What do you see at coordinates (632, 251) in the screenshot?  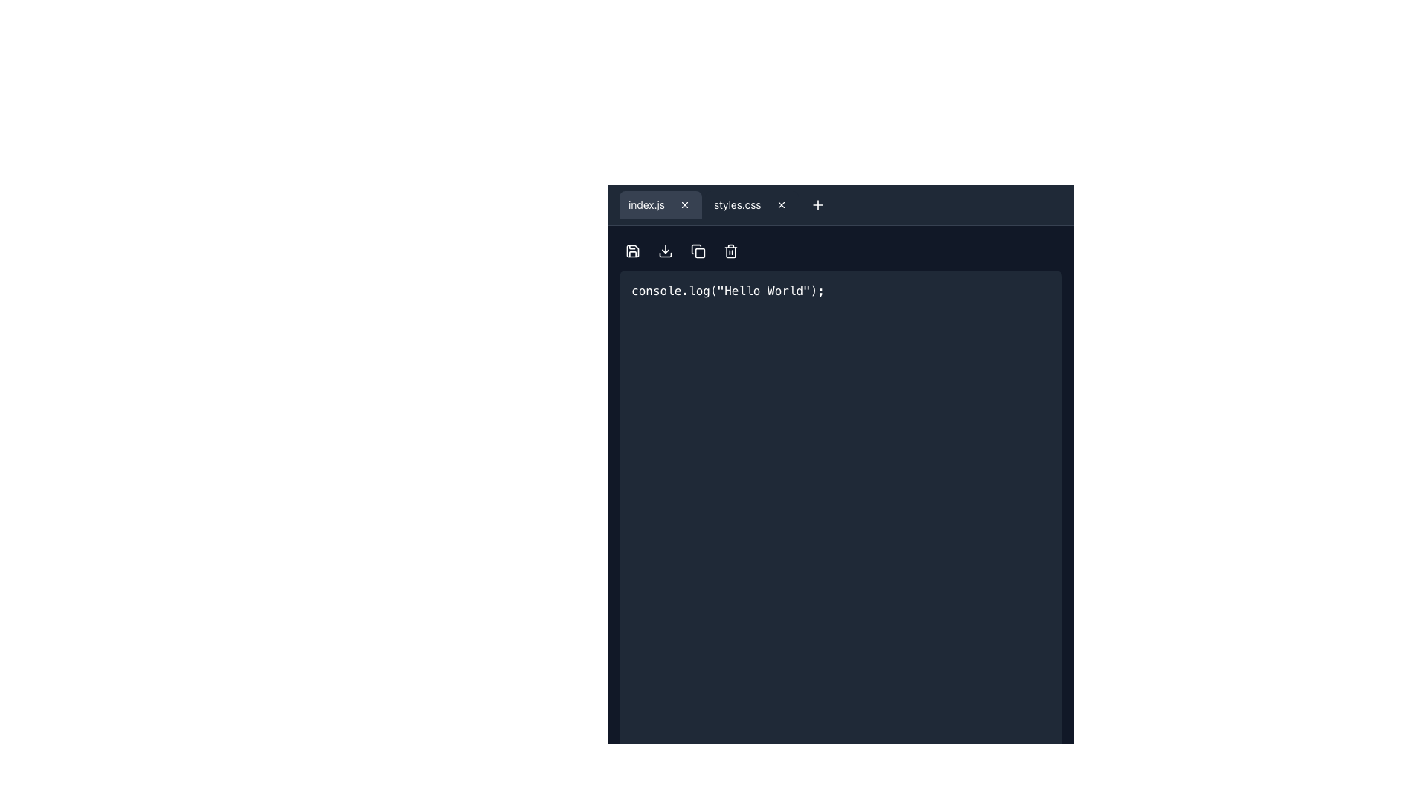 I see `the icon button resembling a document or file with a corner folded, located in the header toolbar area of the application window` at bounding box center [632, 251].